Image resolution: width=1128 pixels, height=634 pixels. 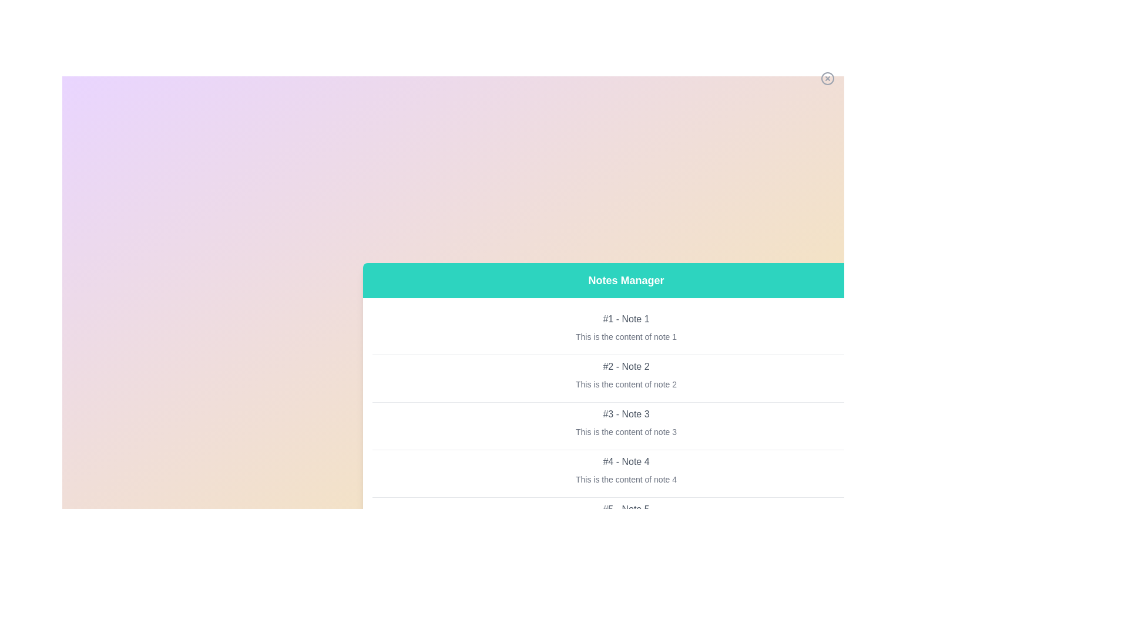 I want to click on close button in the top-right corner of the dialog, so click(x=827, y=79).